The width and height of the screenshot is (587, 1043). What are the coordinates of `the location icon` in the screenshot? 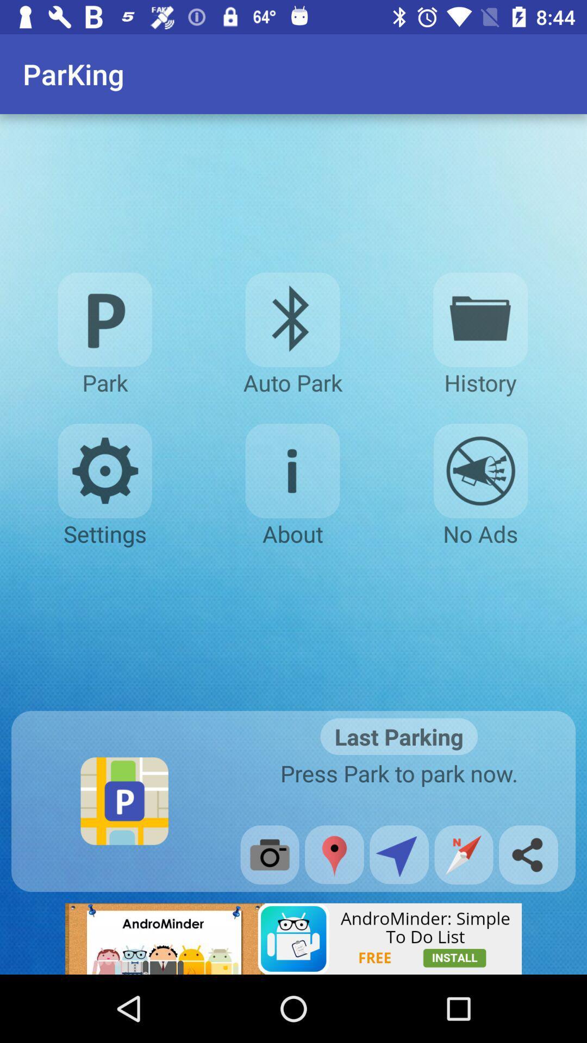 It's located at (334, 854).